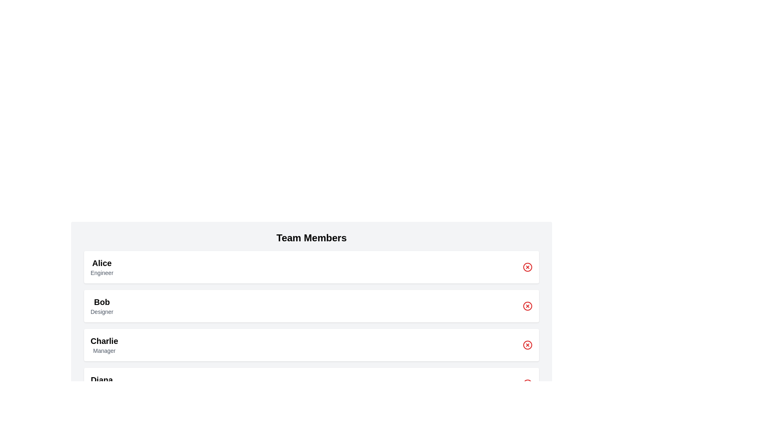  What do you see at coordinates (528, 345) in the screenshot?
I see `the clickable icon button for the team member 'Charlie'` at bounding box center [528, 345].